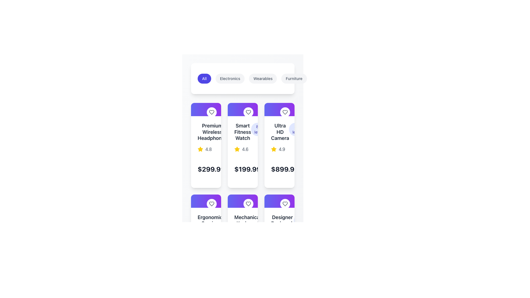  What do you see at coordinates (243, 149) in the screenshot?
I see `rating displayed in the rating display for the 'Smart Fitness Watch', which shows a yellow star icon and the numerical rating '4.6' in gray text` at bounding box center [243, 149].